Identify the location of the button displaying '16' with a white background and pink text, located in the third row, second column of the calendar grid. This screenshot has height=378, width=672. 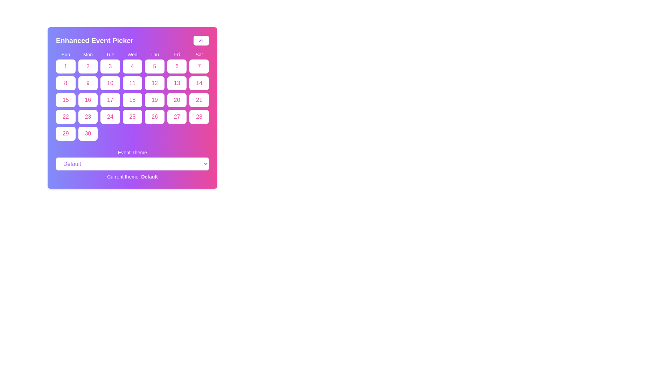
(87, 100).